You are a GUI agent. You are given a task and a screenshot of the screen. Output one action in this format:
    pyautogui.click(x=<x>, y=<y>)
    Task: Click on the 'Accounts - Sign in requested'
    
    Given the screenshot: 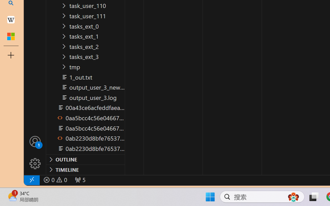 What is the action you would take?
    pyautogui.click(x=35, y=141)
    